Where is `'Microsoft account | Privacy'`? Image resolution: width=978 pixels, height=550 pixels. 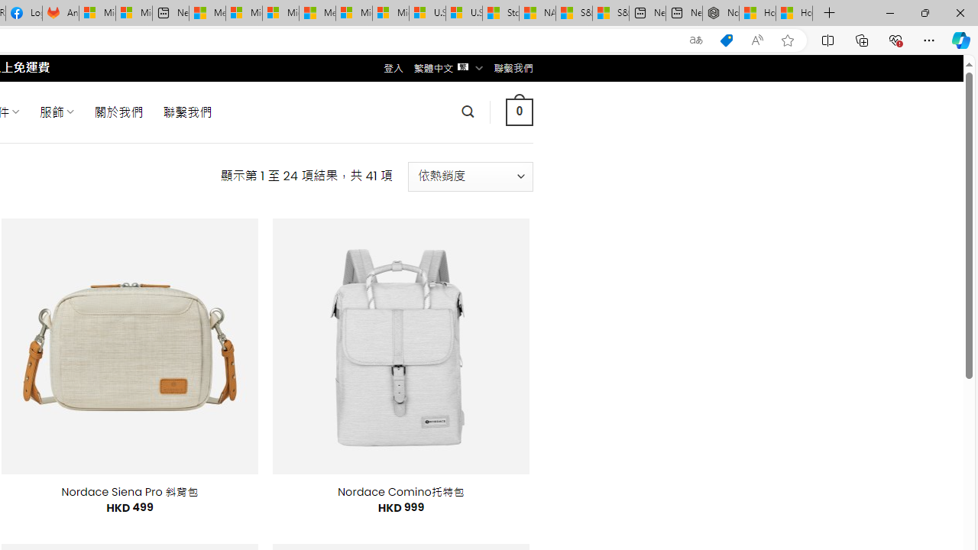 'Microsoft account | Privacy' is located at coordinates (243, 13).